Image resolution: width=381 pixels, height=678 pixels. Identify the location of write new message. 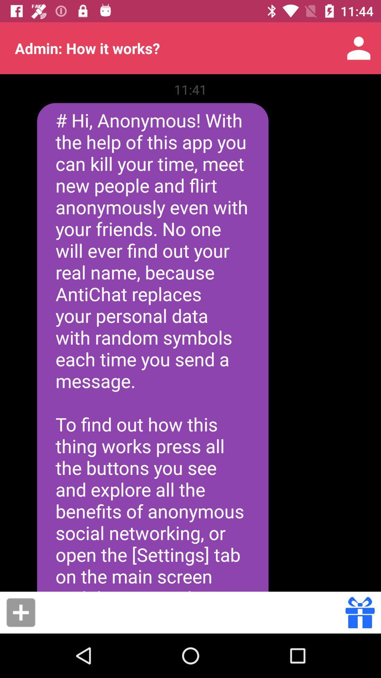
(20, 612).